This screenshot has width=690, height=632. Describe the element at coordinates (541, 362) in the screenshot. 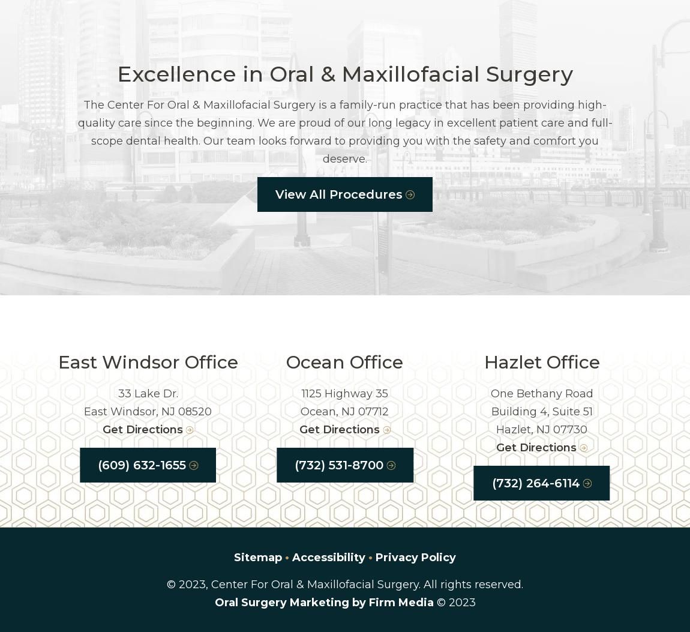

I see `'Hazlet Office'` at that location.